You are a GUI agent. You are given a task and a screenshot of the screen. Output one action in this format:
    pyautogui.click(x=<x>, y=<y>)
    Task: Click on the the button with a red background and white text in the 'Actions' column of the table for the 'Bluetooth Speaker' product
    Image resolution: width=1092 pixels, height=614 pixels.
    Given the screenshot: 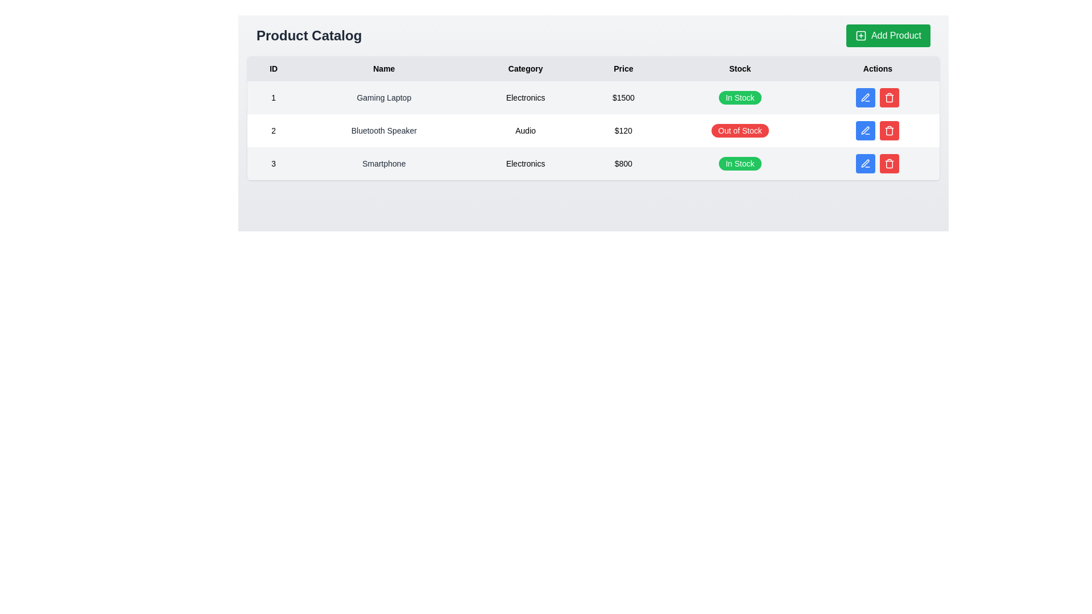 What is the action you would take?
    pyautogui.click(x=889, y=130)
    